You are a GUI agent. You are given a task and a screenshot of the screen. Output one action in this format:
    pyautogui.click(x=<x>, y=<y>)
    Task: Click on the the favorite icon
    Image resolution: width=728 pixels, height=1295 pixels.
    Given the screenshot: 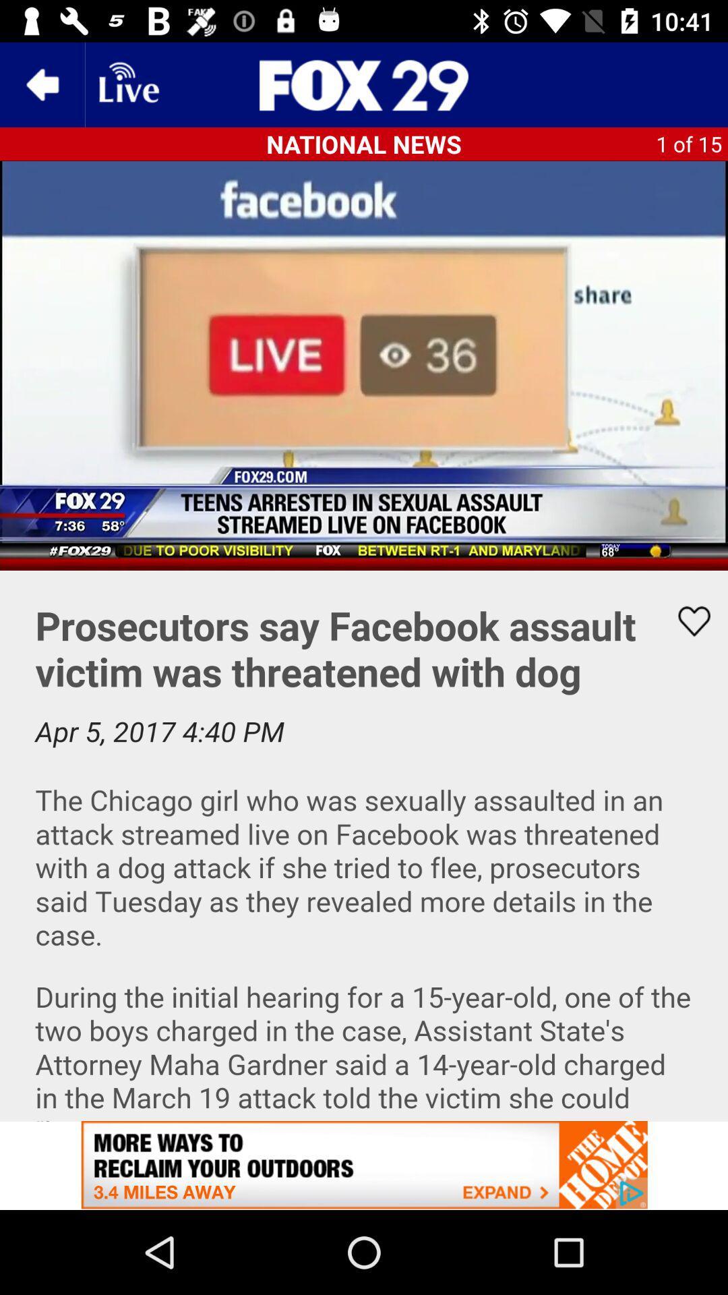 What is the action you would take?
    pyautogui.click(x=686, y=621)
    